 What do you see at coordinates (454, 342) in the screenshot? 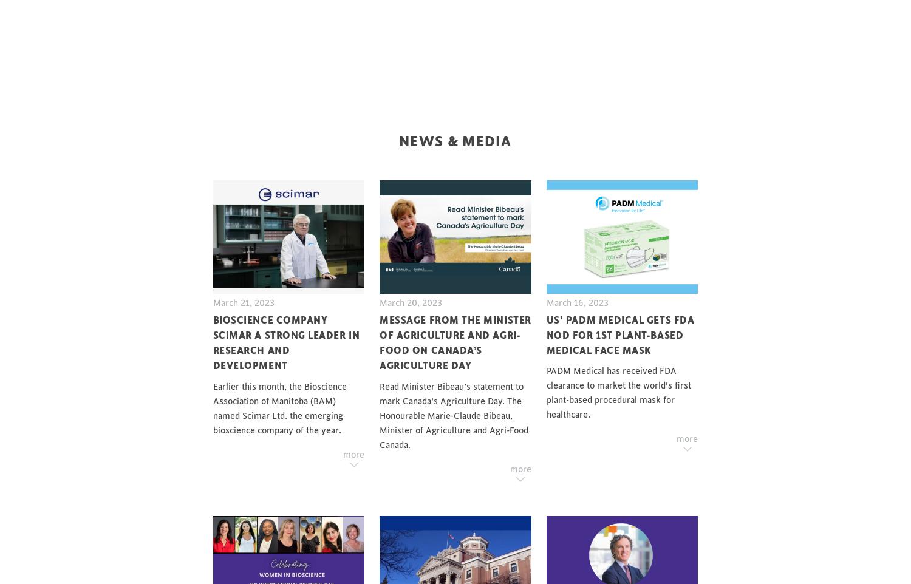
I see `'Message from the Minister of Agriculture and Agri-Food on Canada’s Agriculture Day'` at bounding box center [454, 342].